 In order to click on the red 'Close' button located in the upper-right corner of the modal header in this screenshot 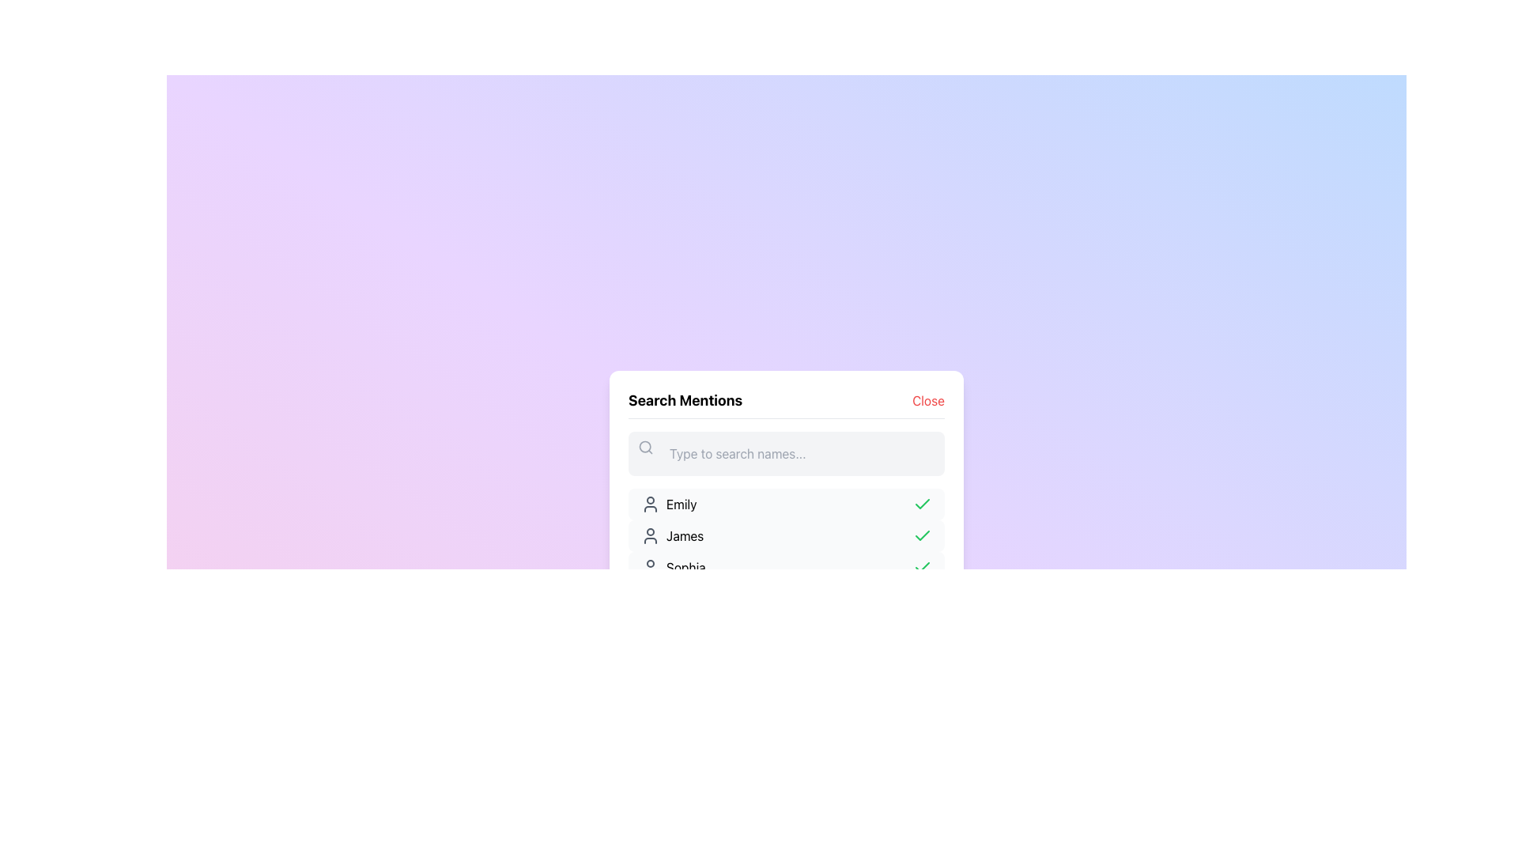, I will do `click(928, 399)`.